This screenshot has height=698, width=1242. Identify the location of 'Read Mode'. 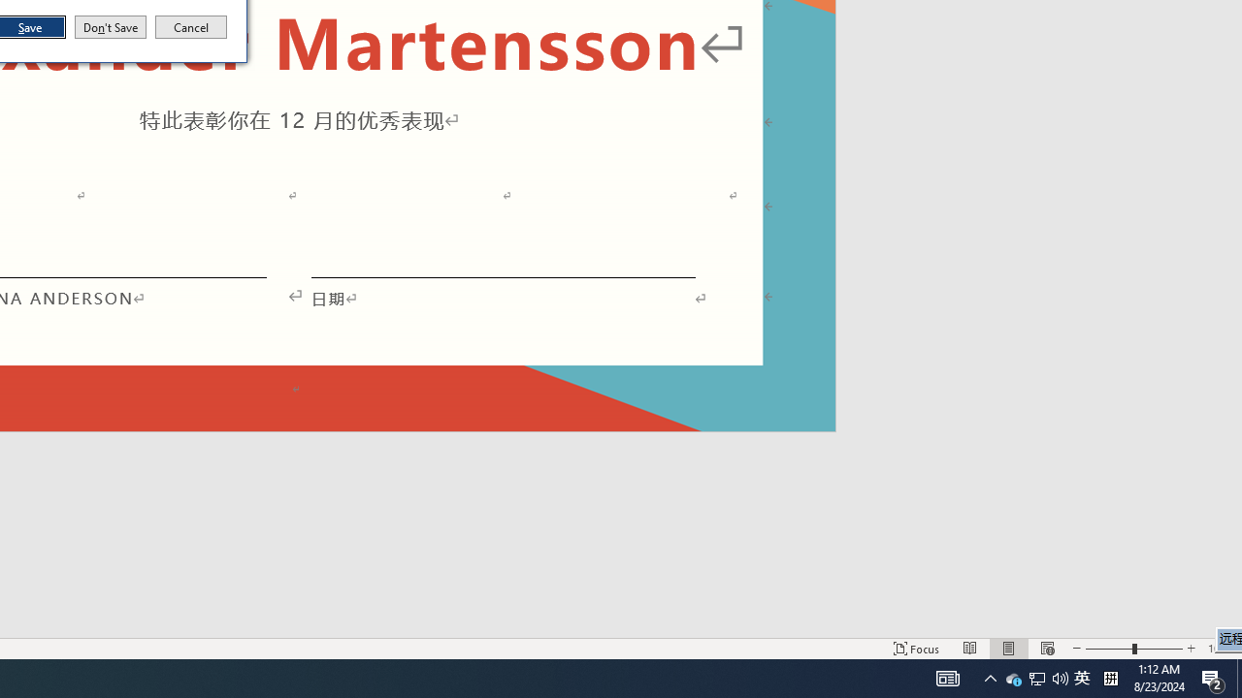
(970, 649).